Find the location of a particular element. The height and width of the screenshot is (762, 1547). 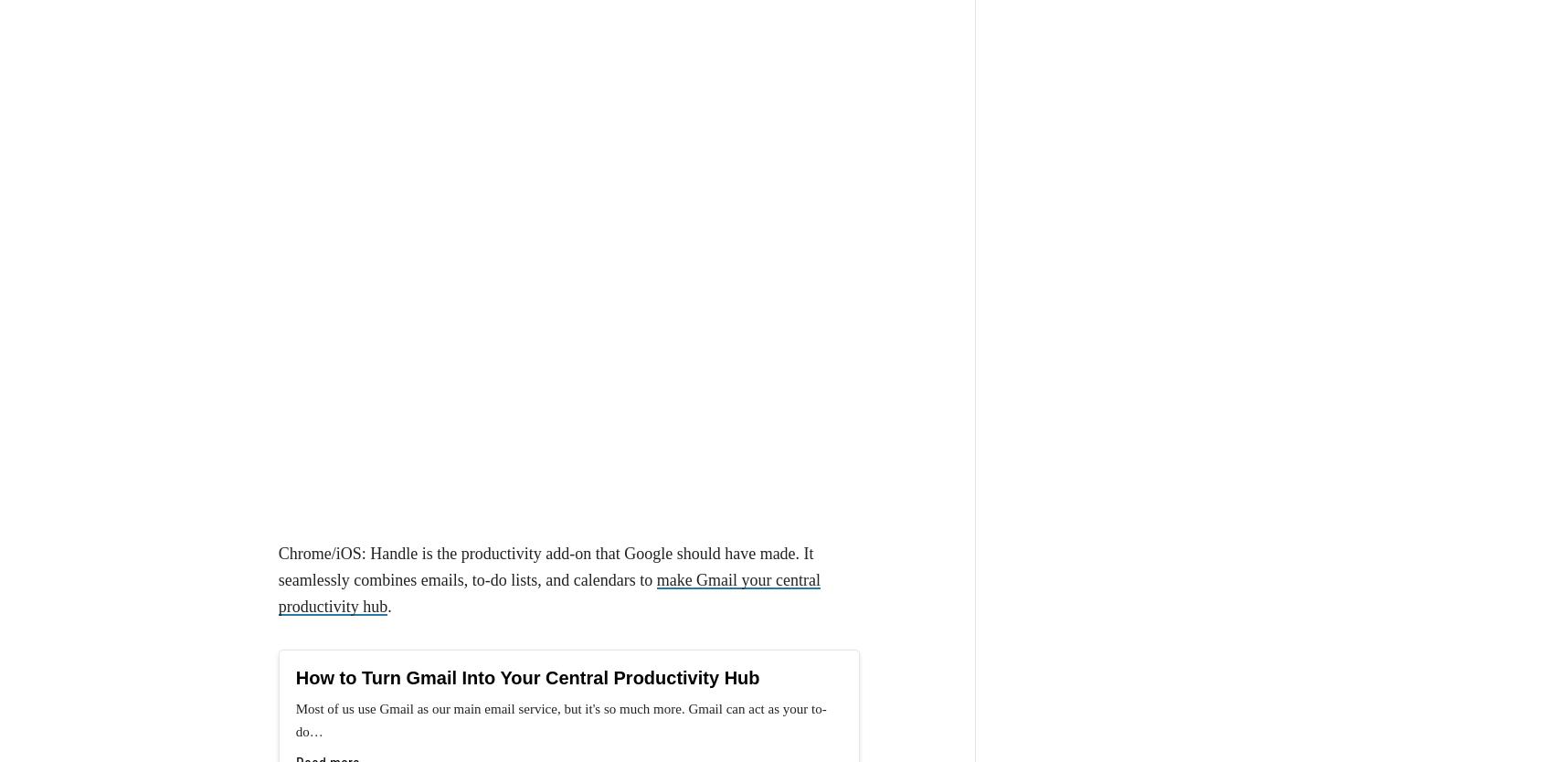

'might even make' is located at coordinates (385, 493).